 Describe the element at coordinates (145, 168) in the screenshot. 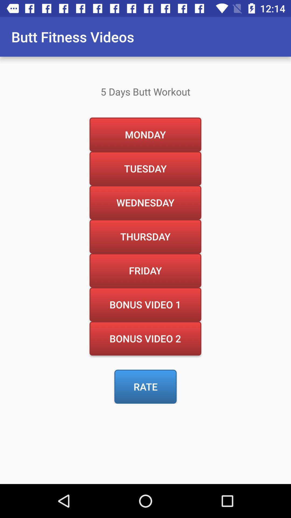

I see `tuesday` at that location.